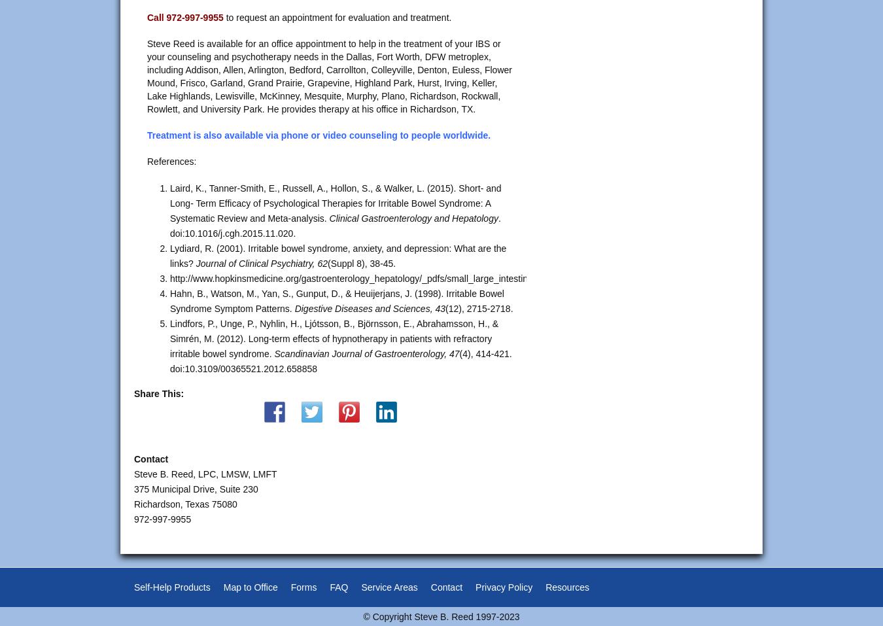 Image resolution: width=883 pixels, height=626 pixels. What do you see at coordinates (333, 339) in the screenshot?
I see `'Lindfors, P., Unge, P., Nyhlin, H., Ljótsson, B., Björnsson, E., Abrahamsson, H., & Simrén, M. (2012). Long-term effects of hypnotherapy in patients with refractory irritable bowel syndrome.'` at bounding box center [333, 339].